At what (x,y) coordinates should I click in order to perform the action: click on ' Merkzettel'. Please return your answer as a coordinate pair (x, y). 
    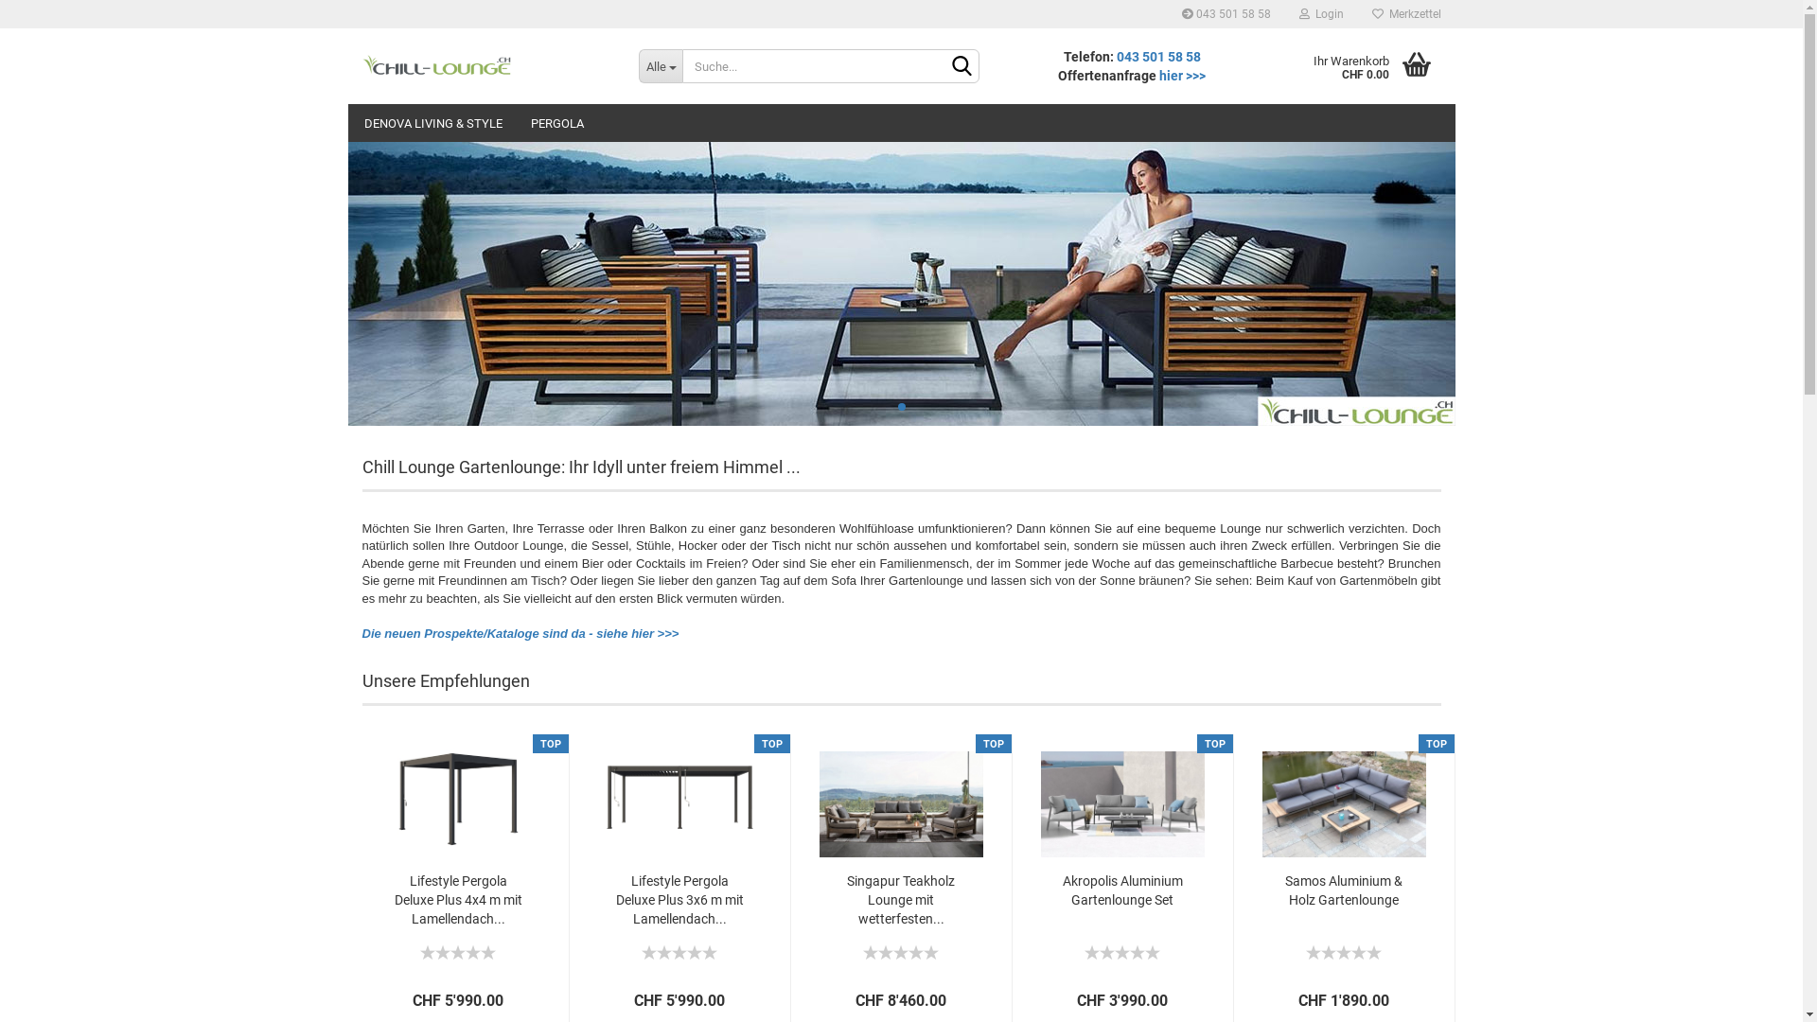
    Looking at the image, I should click on (1356, 14).